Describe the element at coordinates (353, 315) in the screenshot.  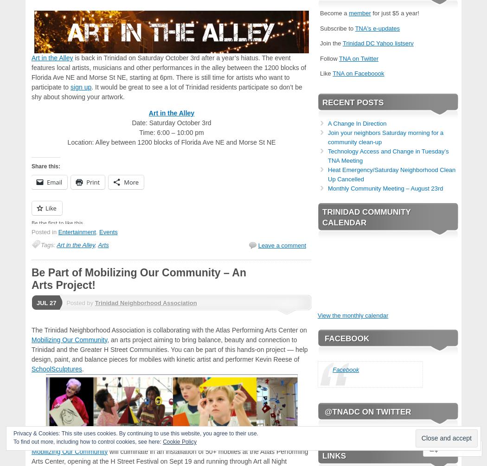
I see `'View the monthly calendar'` at that location.